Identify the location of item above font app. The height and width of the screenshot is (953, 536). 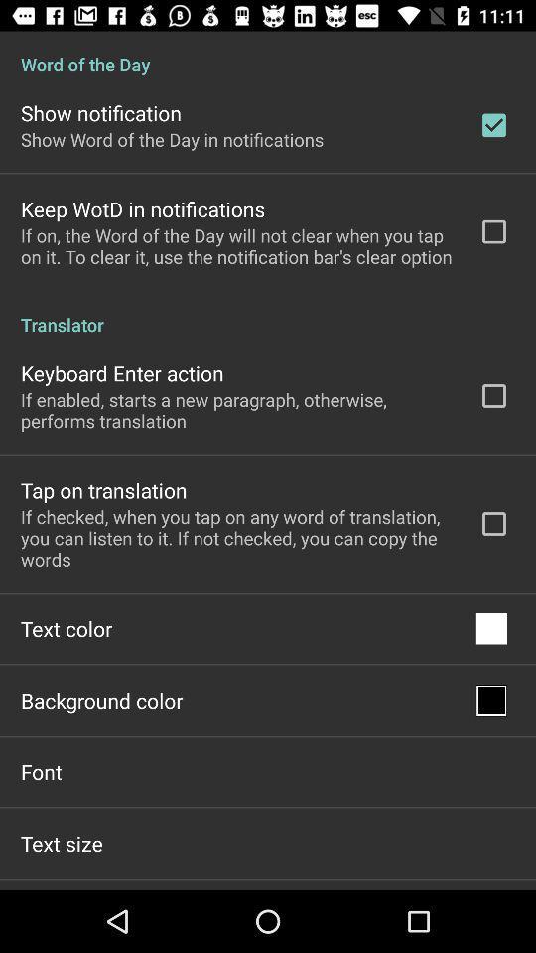
(101, 700).